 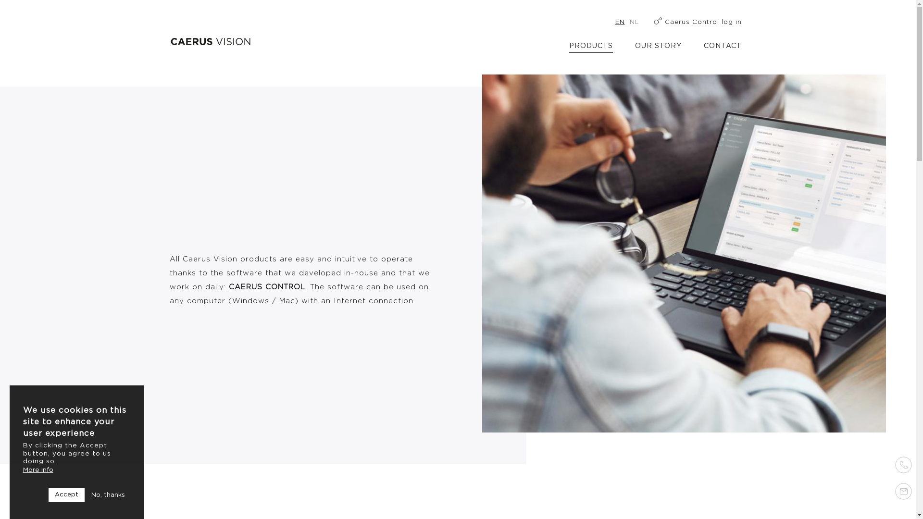 I want to click on 'Caerus Control log in', so click(x=653, y=22).